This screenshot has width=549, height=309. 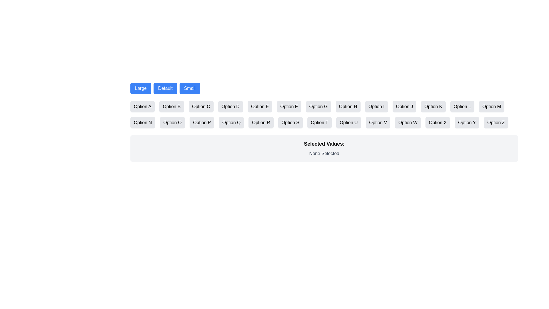 I want to click on the thirteenth selectable option in the flexbox grid, which is positioned immediately to the right of 'Option L', so click(x=491, y=107).